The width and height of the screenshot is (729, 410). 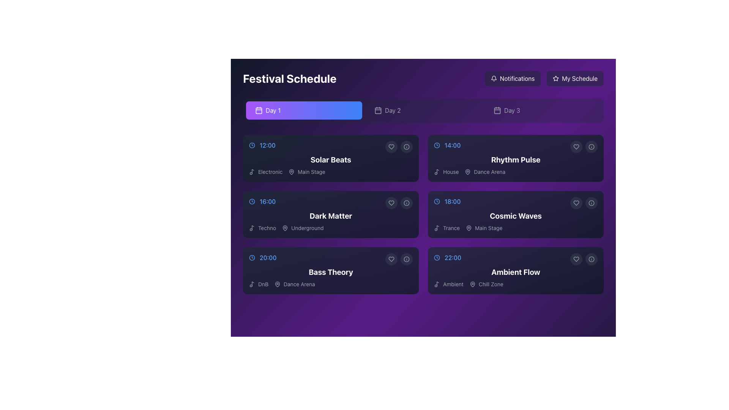 What do you see at coordinates (263, 284) in the screenshot?
I see `text label indicating the genre or type of performance located at the bottom left of the 'Bass Theory' schedule item box` at bounding box center [263, 284].